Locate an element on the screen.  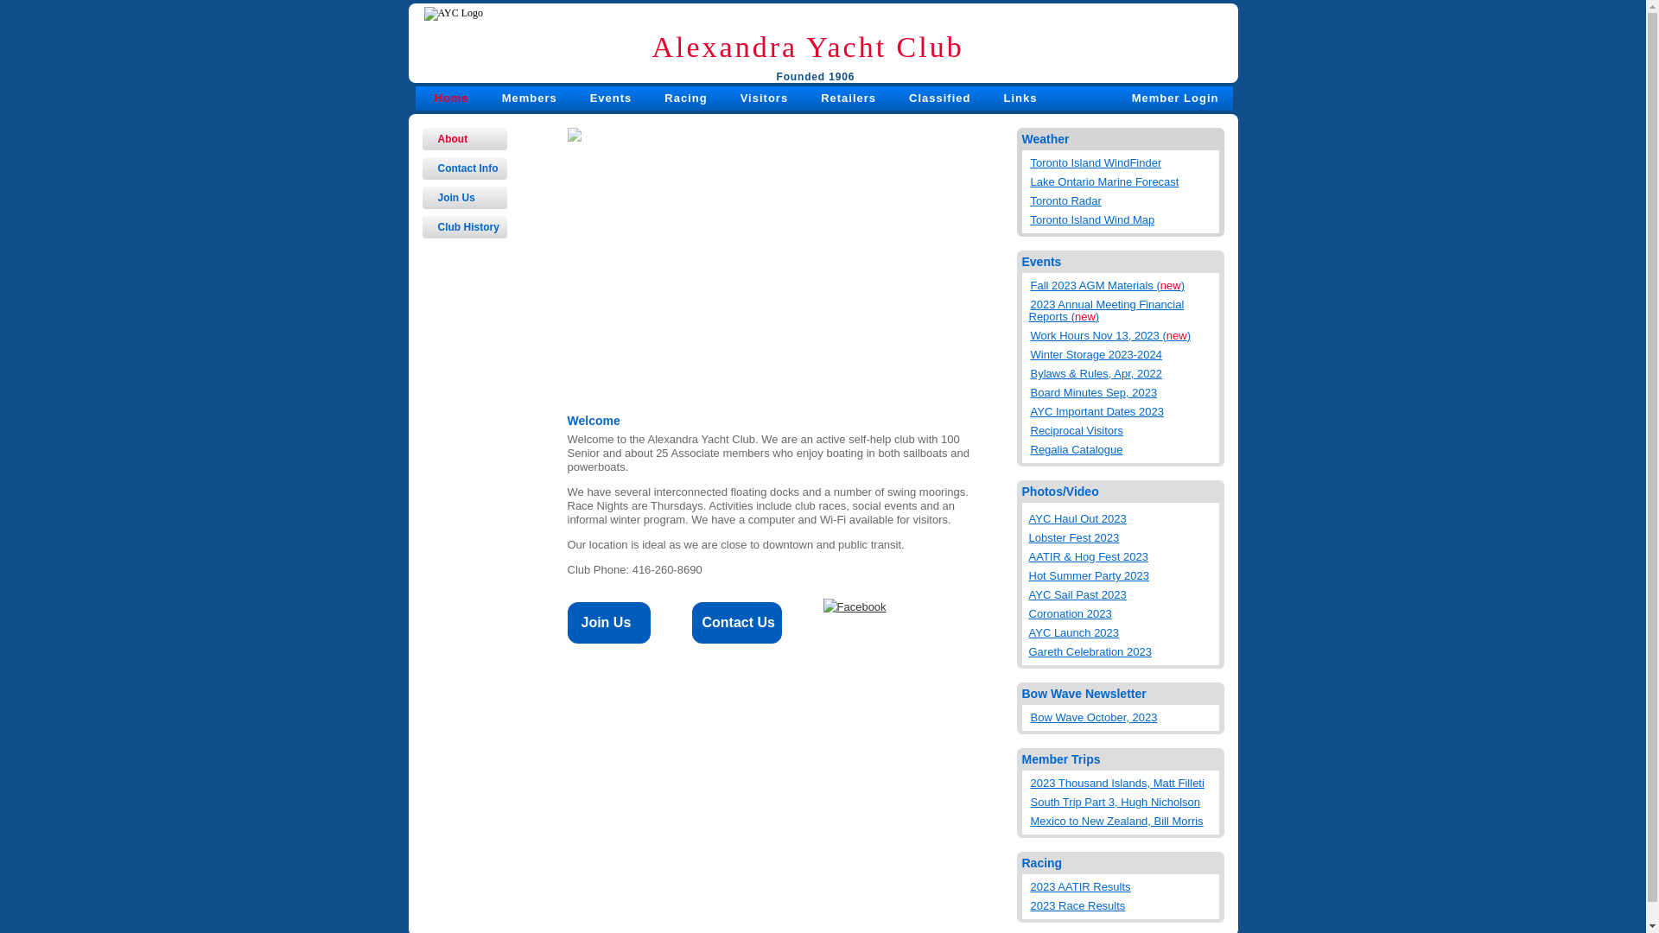
'2023 Annual Meeting Financial Reports (new)' is located at coordinates (1123, 306).